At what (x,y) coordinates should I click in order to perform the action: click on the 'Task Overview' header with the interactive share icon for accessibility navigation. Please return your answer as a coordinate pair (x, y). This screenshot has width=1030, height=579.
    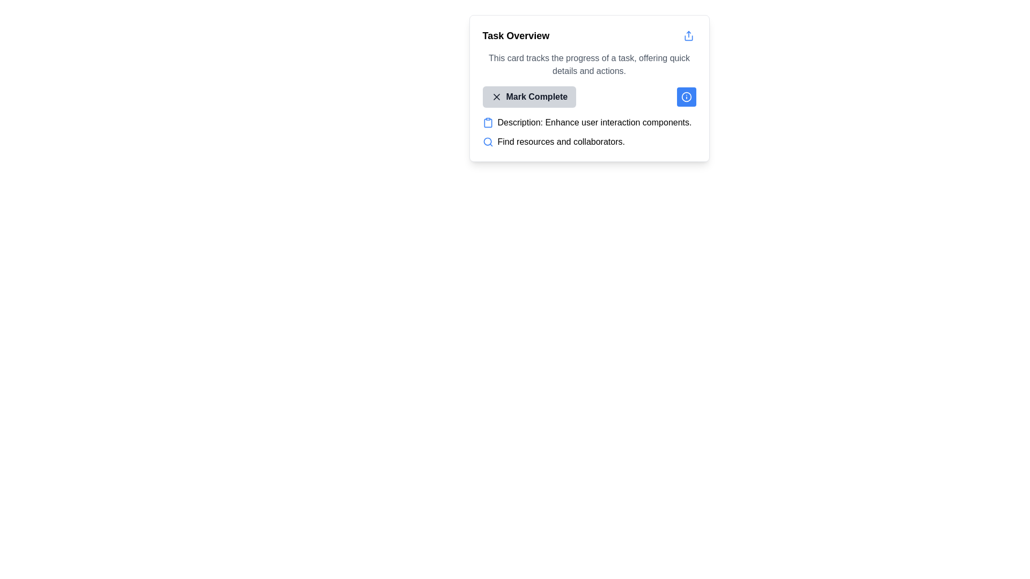
    Looking at the image, I should click on (588, 35).